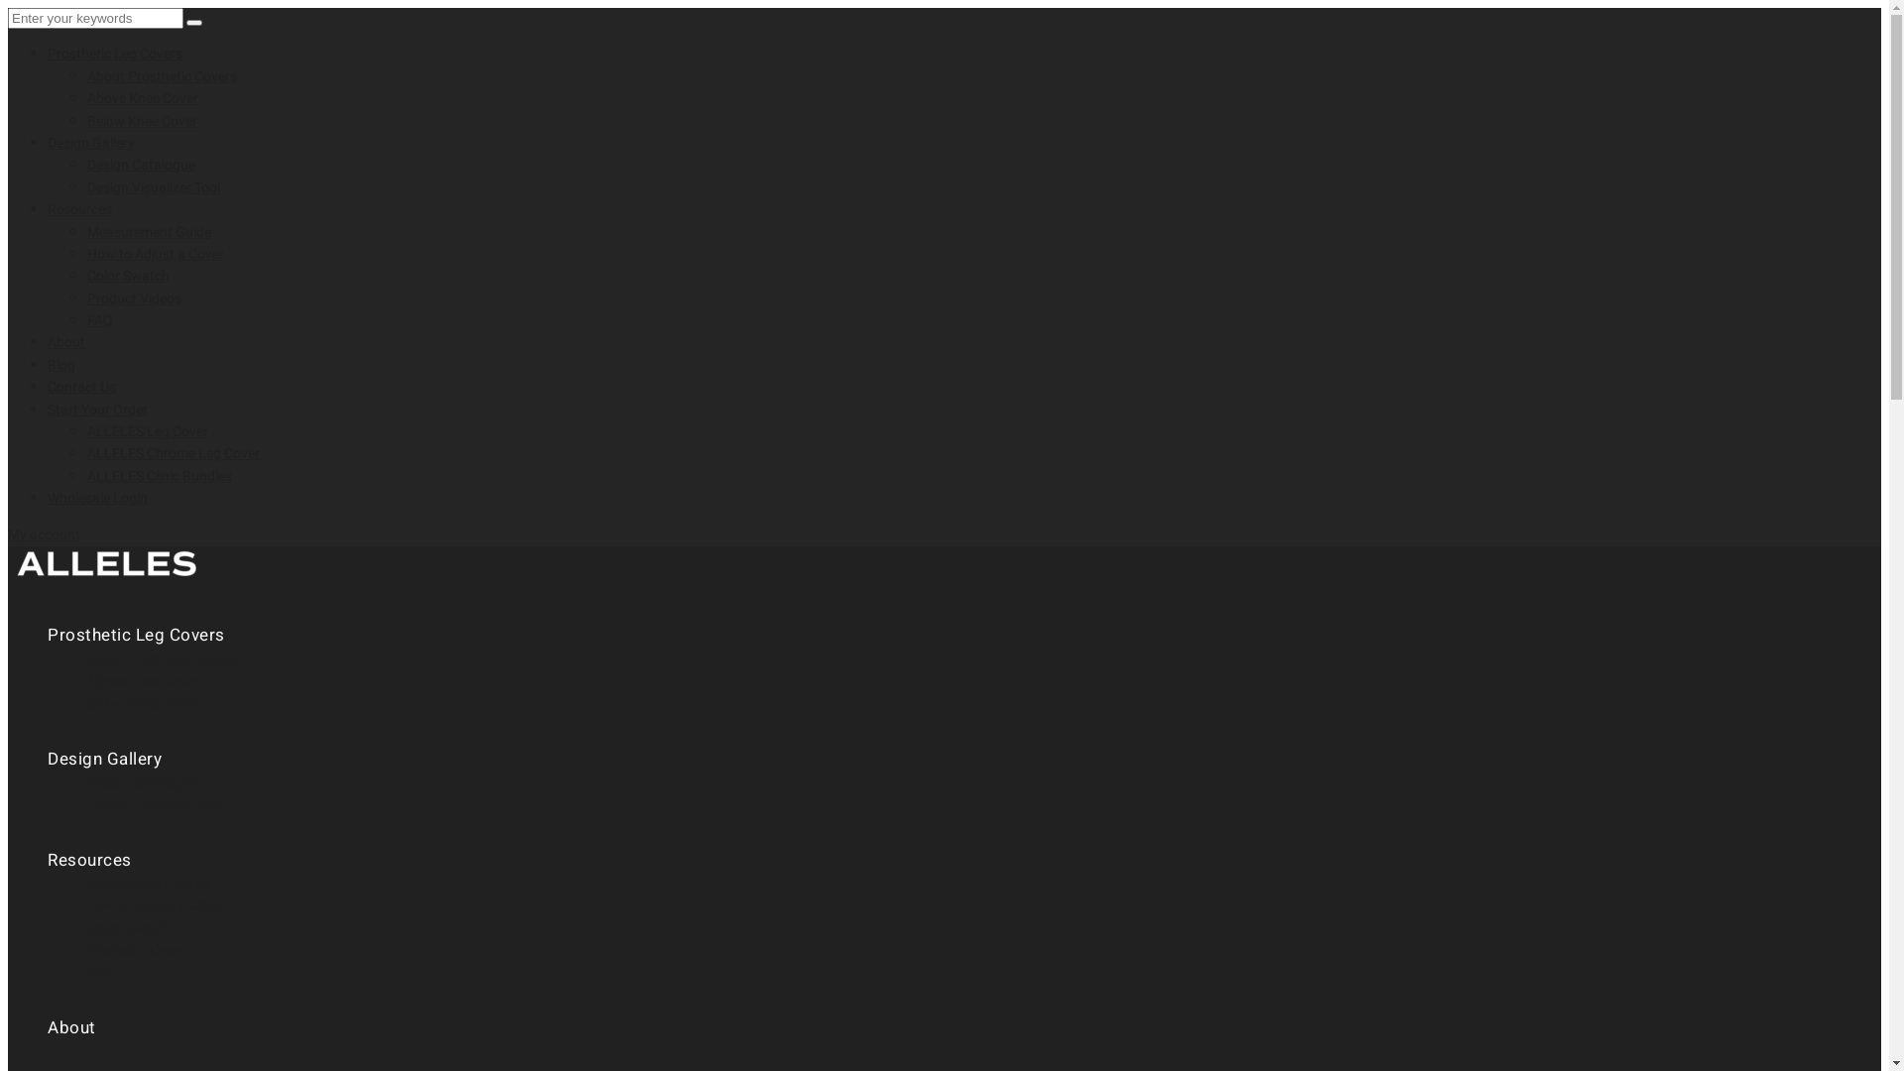 The height and width of the screenshot is (1071, 1904). What do you see at coordinates (148, 231) in the screenshot?
I see `'Measurement Guide'` at bounding box center [148, 231].